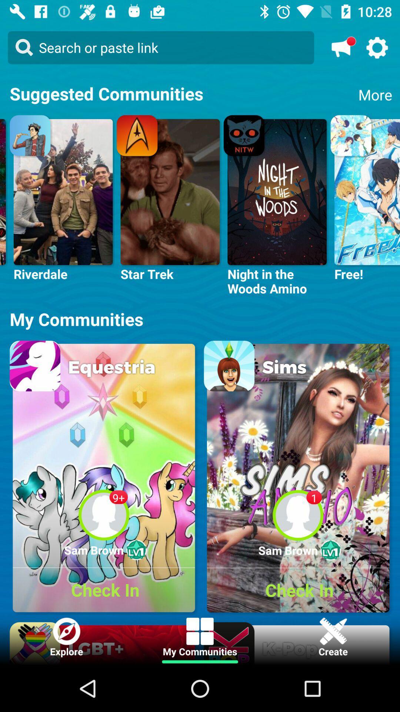 The width and height of the screenshot is (400, 712). Describe the element at coordinates (378, 47) in the screenshot. I see `the avatar icon` at that location.